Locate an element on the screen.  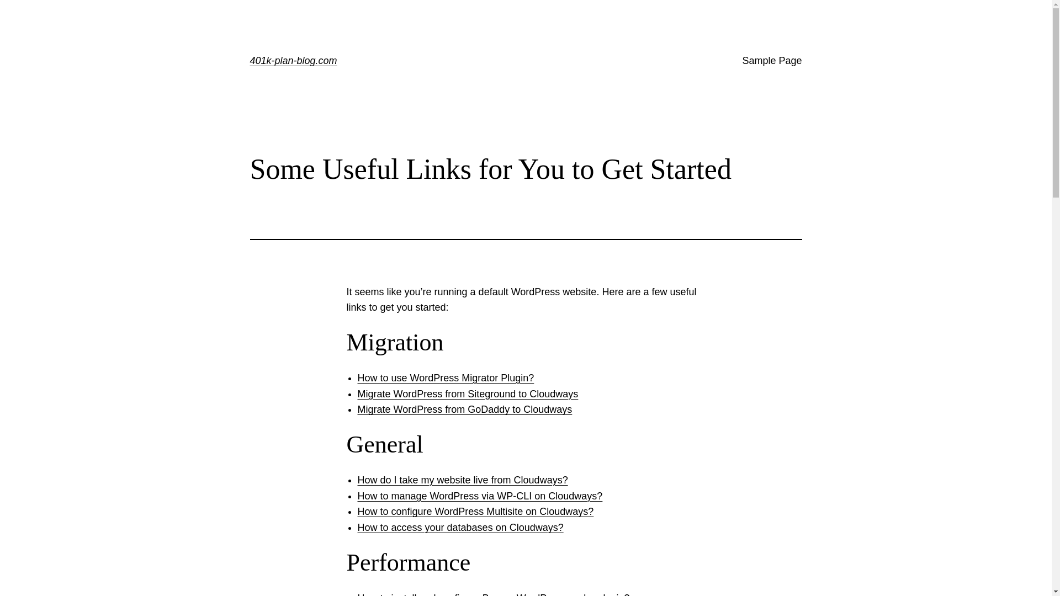
'How to access your databases on Cloudways?' is located at coordinates (460, 527).